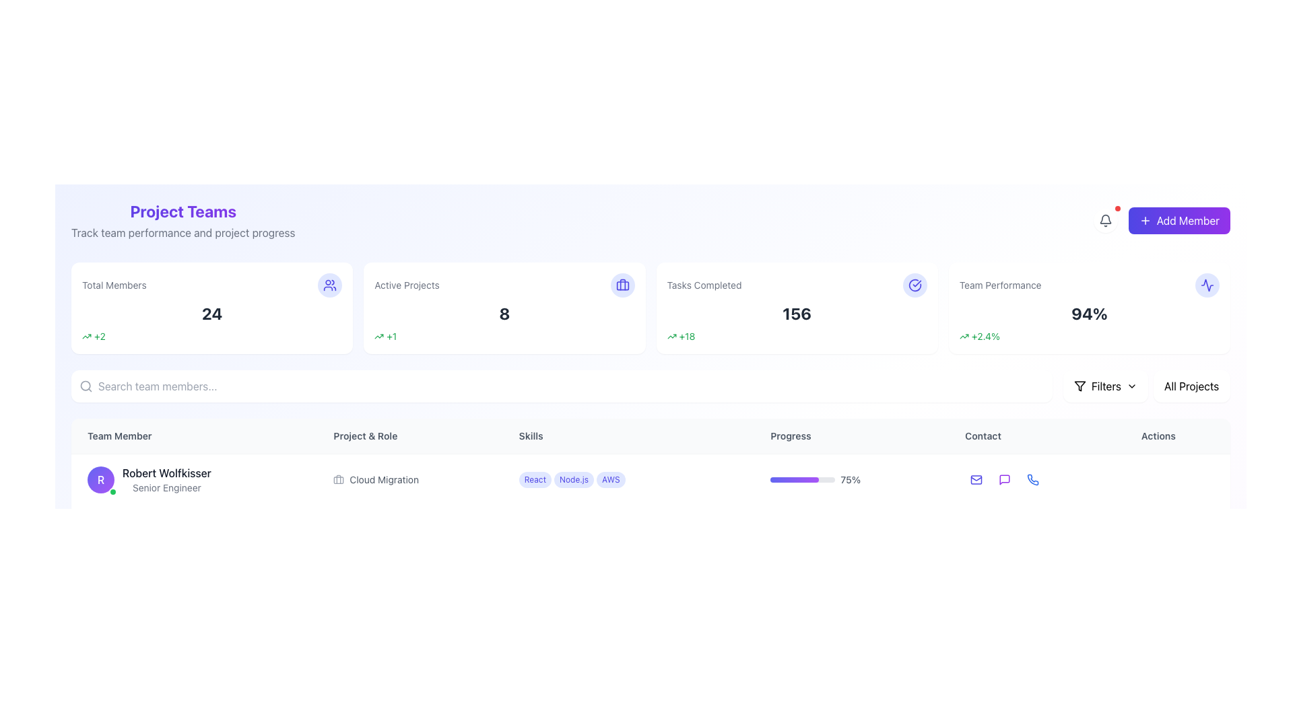 This screenshot has width=1293, height=727. What do you see at coordinates (183, 211) in the screenshot?
I see `the heading element styled with bold gradient text reading 'Project Teams', located above the subtitle 'Track team performance and project progress'` at bounding box center [183, 211].